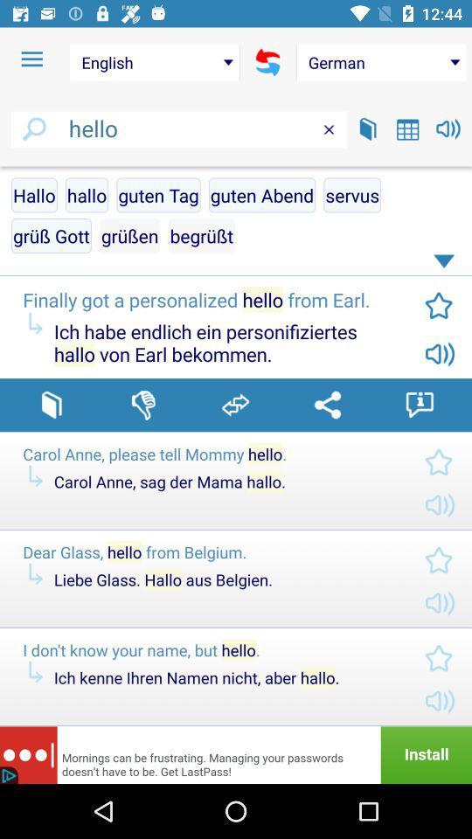 This screenshot has width=472, height=839. I want to click on abrir mais opes, so click(447, 265).